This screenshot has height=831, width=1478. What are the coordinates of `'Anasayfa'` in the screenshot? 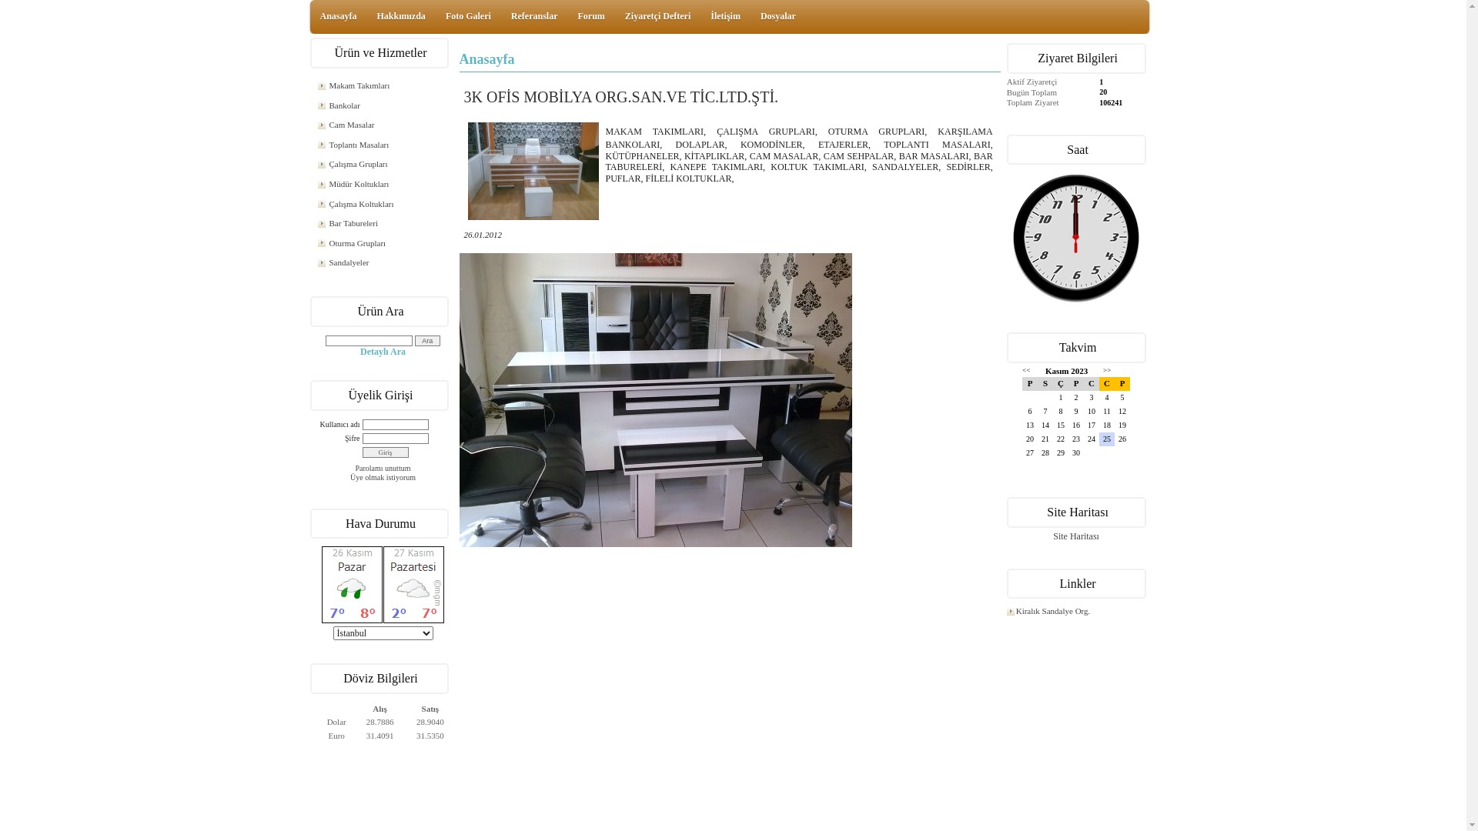 It's located at (338, 15).